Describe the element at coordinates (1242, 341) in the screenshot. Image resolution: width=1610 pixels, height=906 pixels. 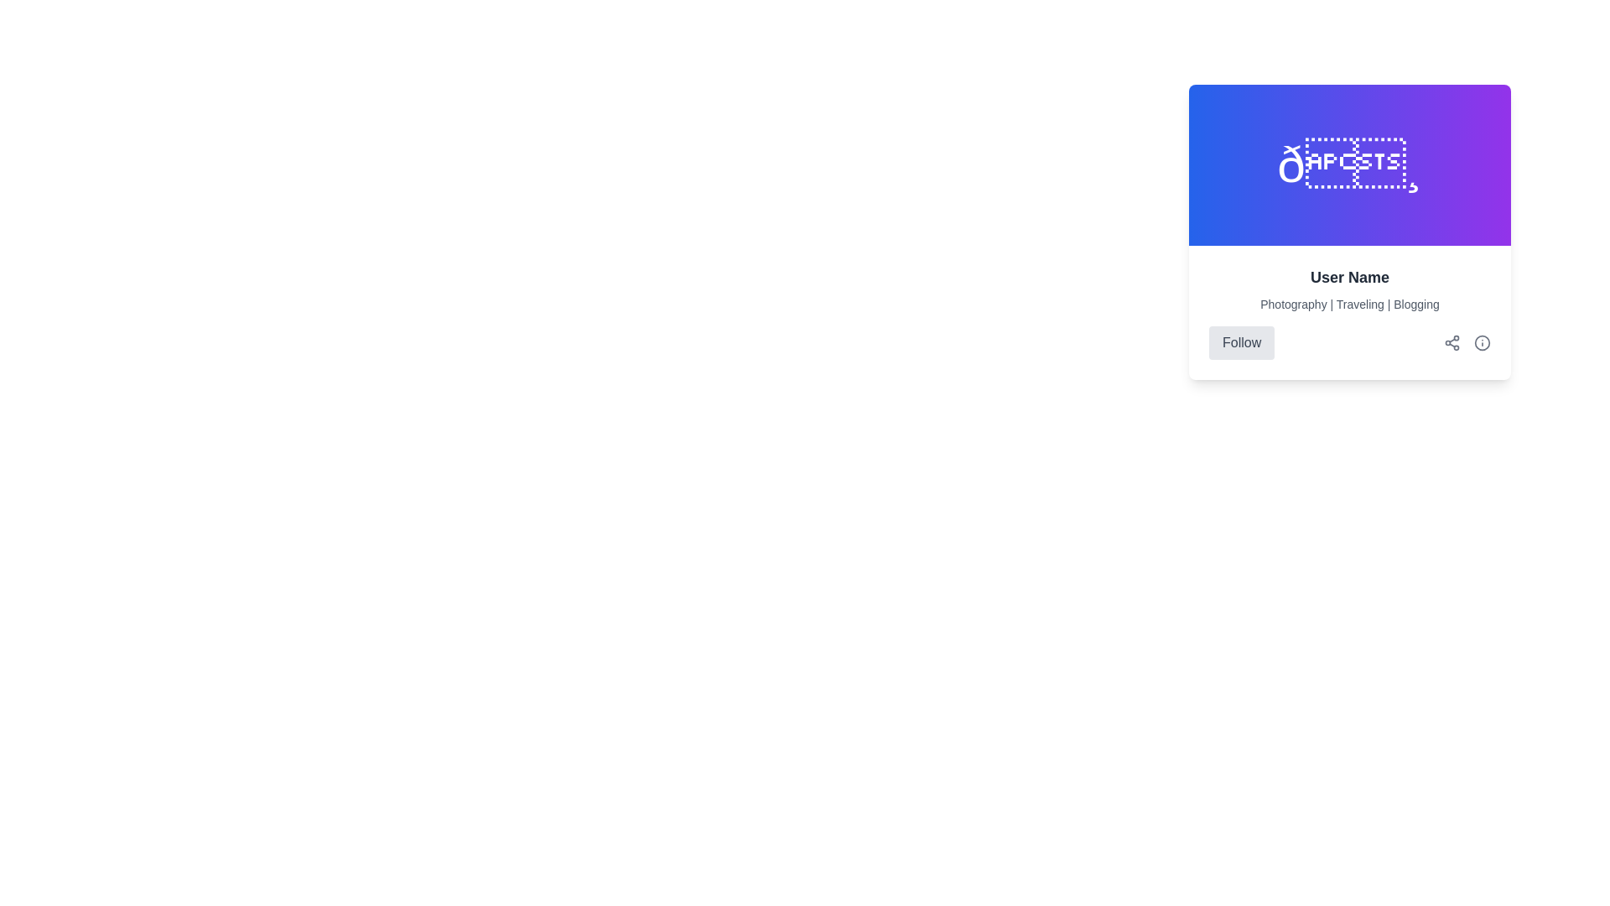
I see `the 'Follow' button, which is a rectangular button with soft rounded edges and dark gray text on a light gray background, located below the user's profile information` at that location.